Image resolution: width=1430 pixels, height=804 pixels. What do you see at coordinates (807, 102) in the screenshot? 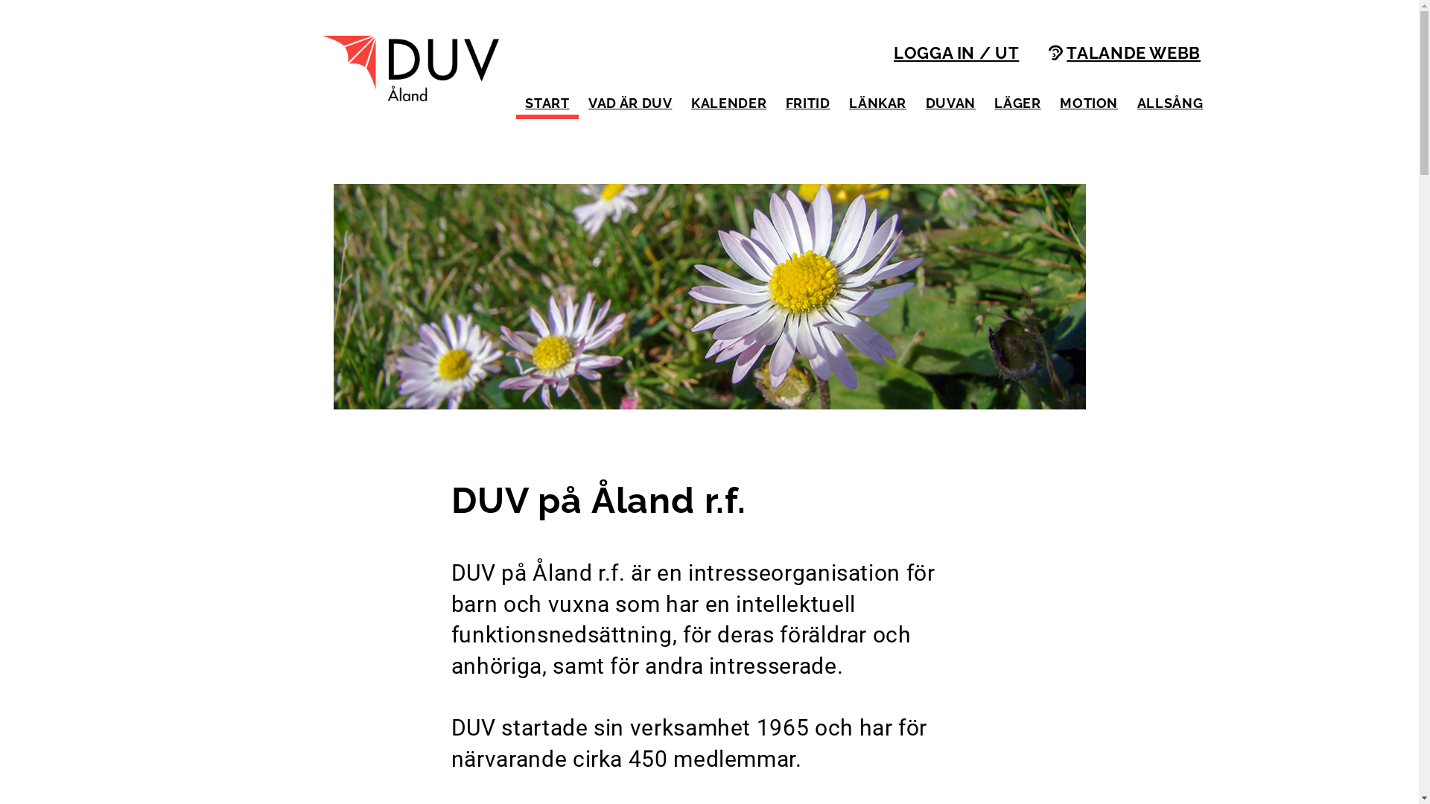
I see `'FRITID'` at bounding box center [807, 102].